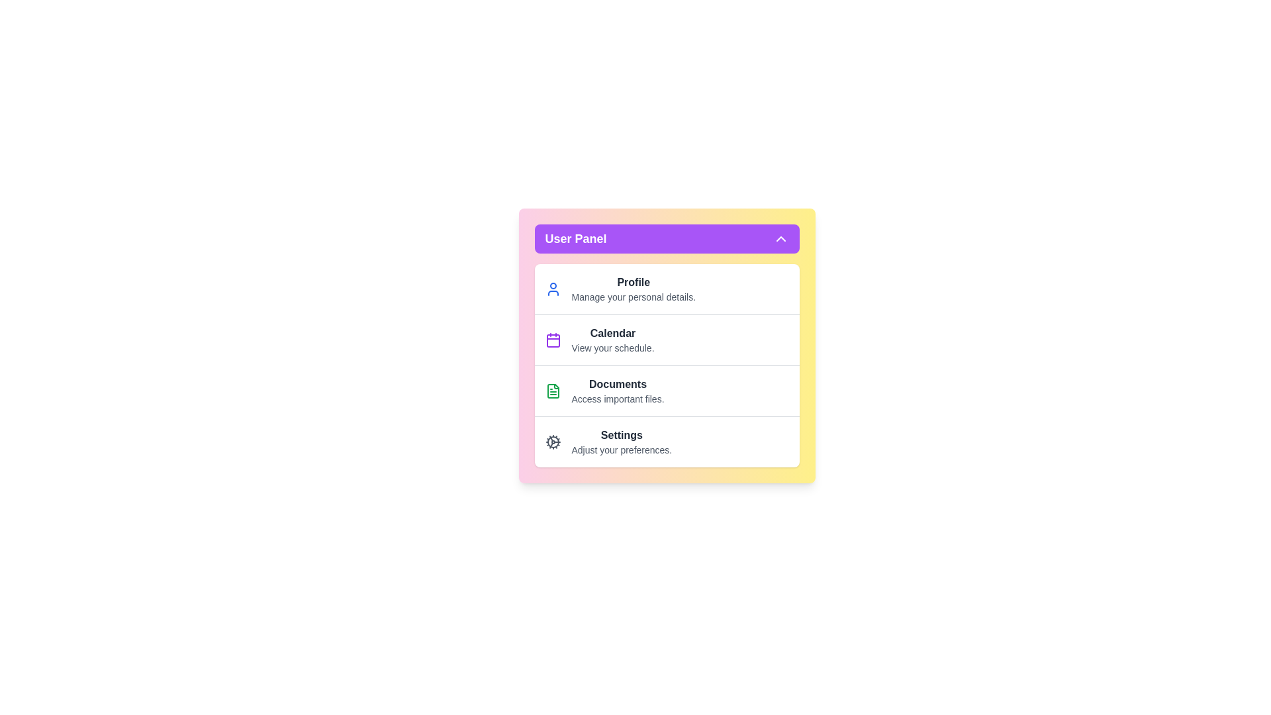 The width and height of the screenshot is (1271, 715). What do you see at coordinates (553, 288) in the screenshot?
I see `user profile SVG icon located in the 'Profile' section of the user panel, which is styled in blue and positioned to the left of the text 'Profile'` at bounding box center [553, 288].